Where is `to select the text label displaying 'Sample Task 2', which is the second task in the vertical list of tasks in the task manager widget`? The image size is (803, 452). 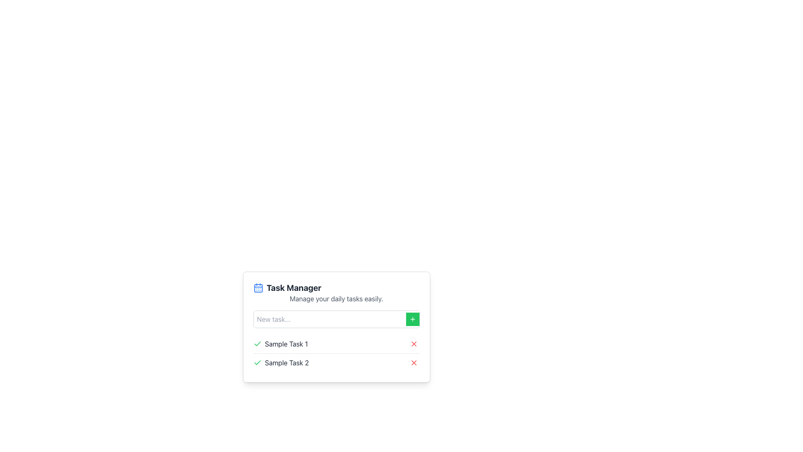
to select the text label displaying 'Sample Task 2', which is the second task in the vertical list of tasks in the task manager widget is located at coordinates (281, 362).